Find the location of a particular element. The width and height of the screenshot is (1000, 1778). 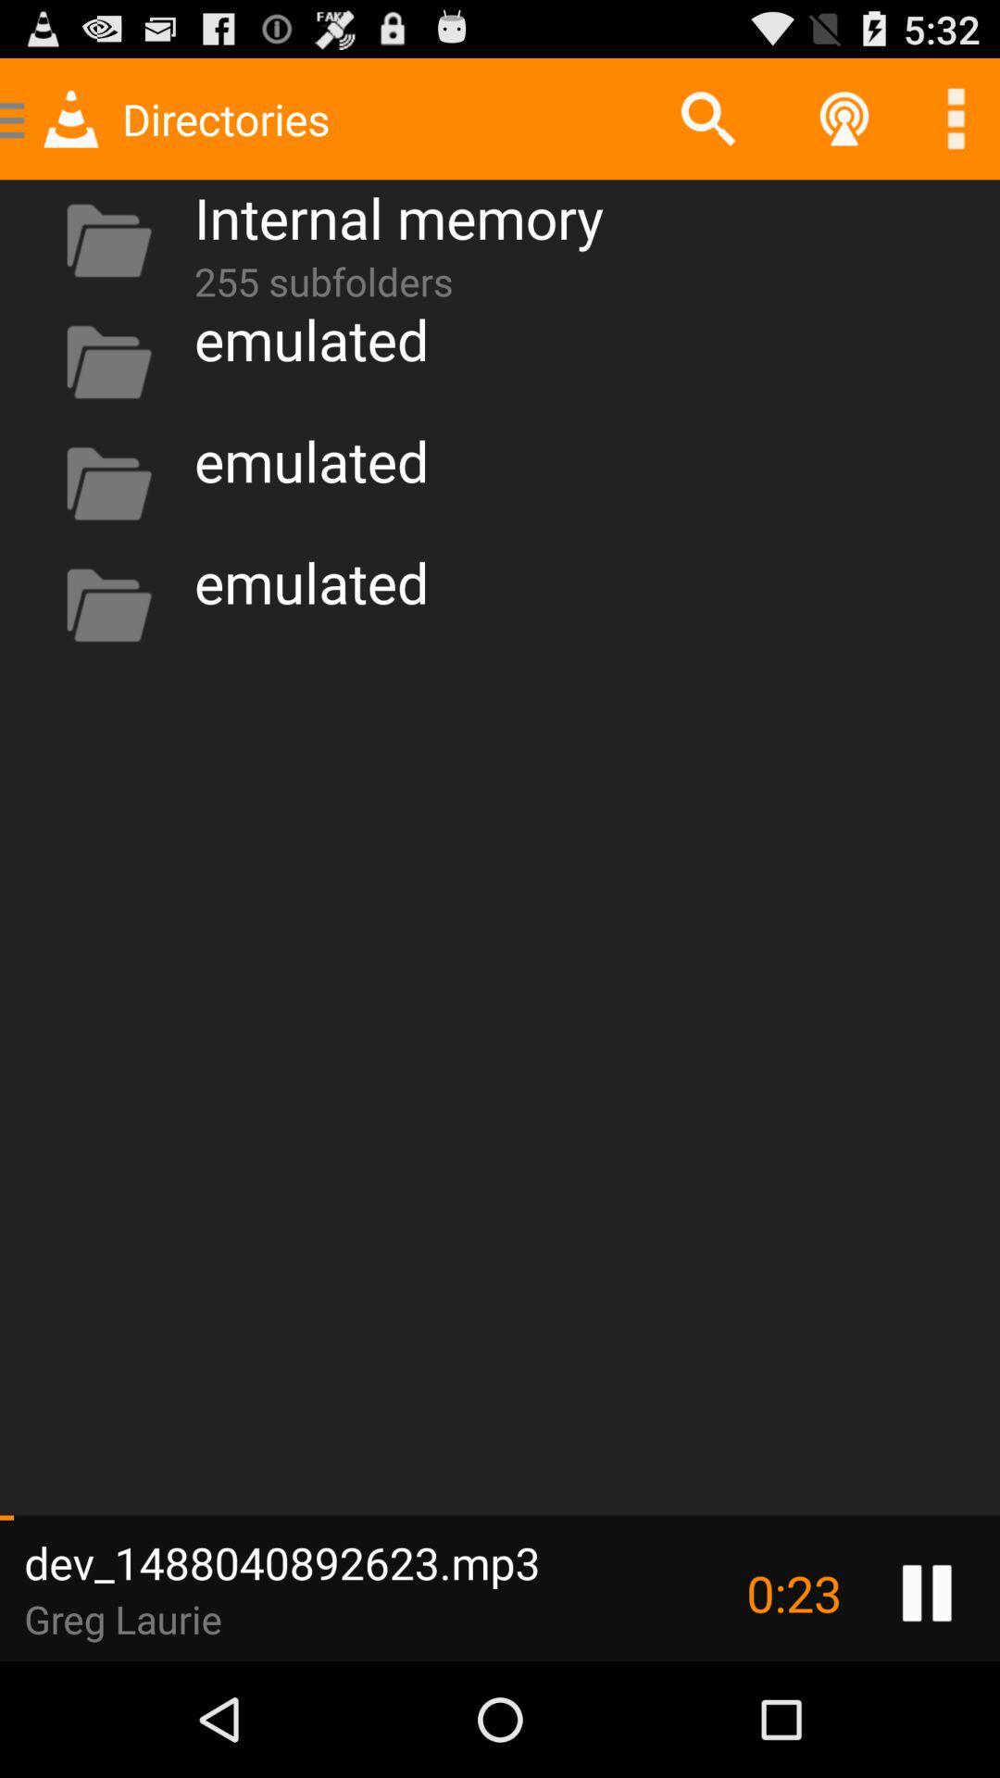

the pause icon is located at coordinates (927, 1704).